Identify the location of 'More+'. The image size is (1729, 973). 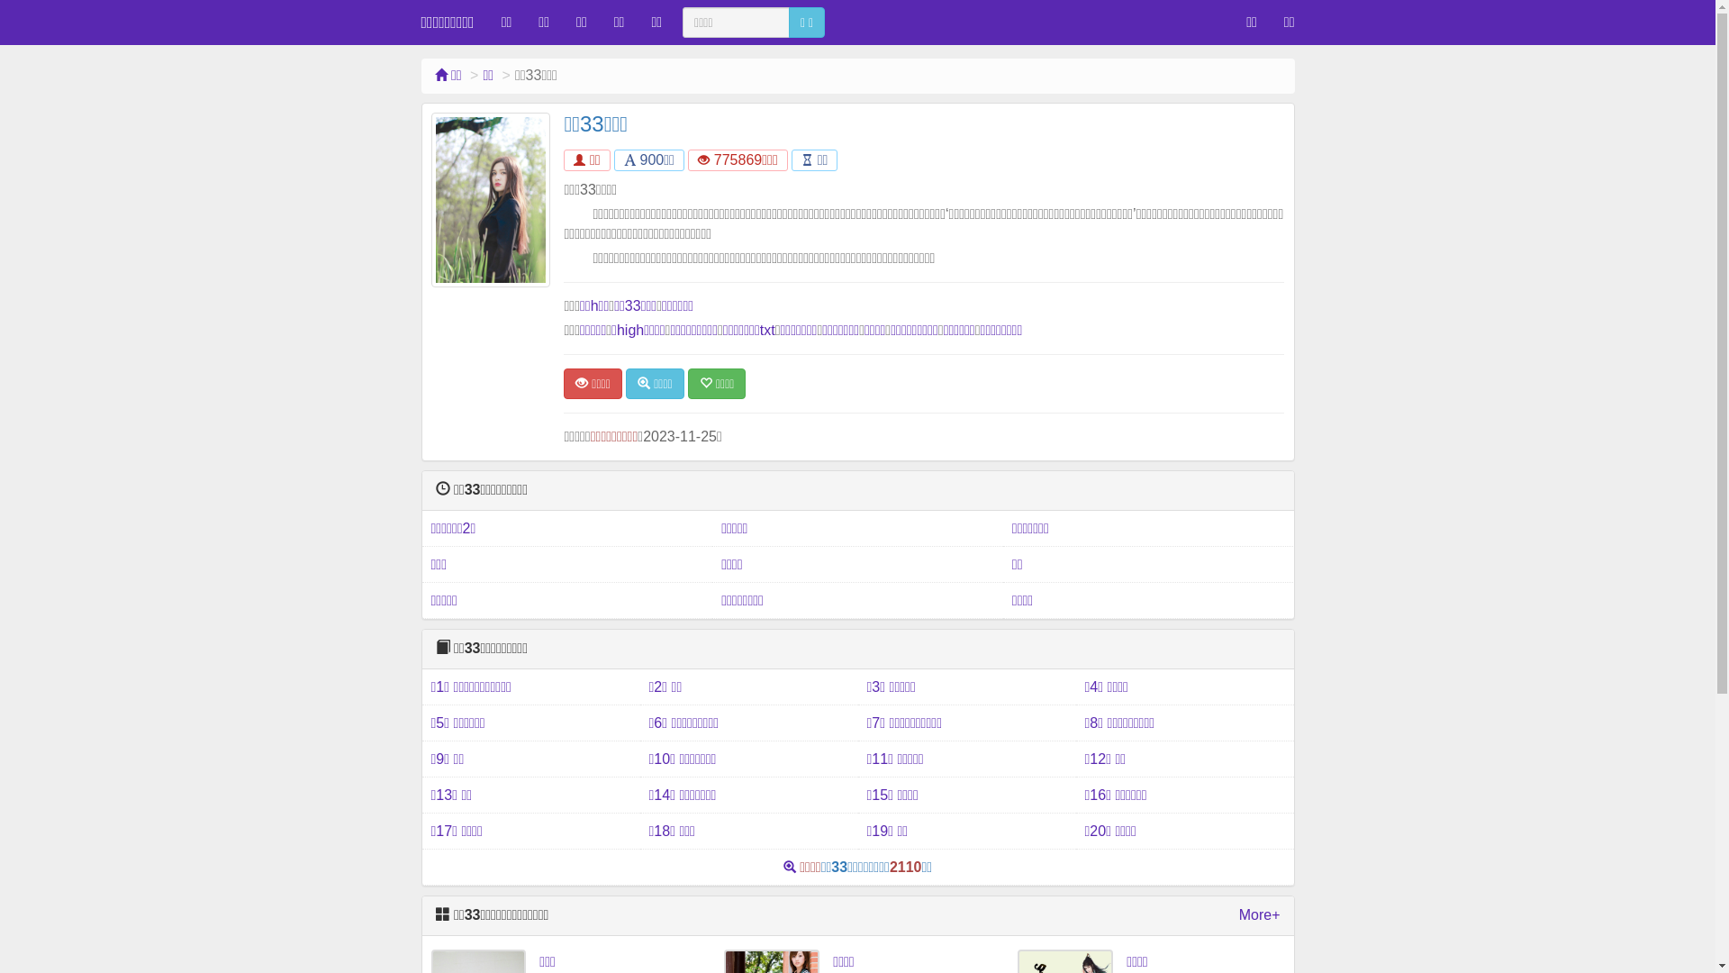
(1258, 915).